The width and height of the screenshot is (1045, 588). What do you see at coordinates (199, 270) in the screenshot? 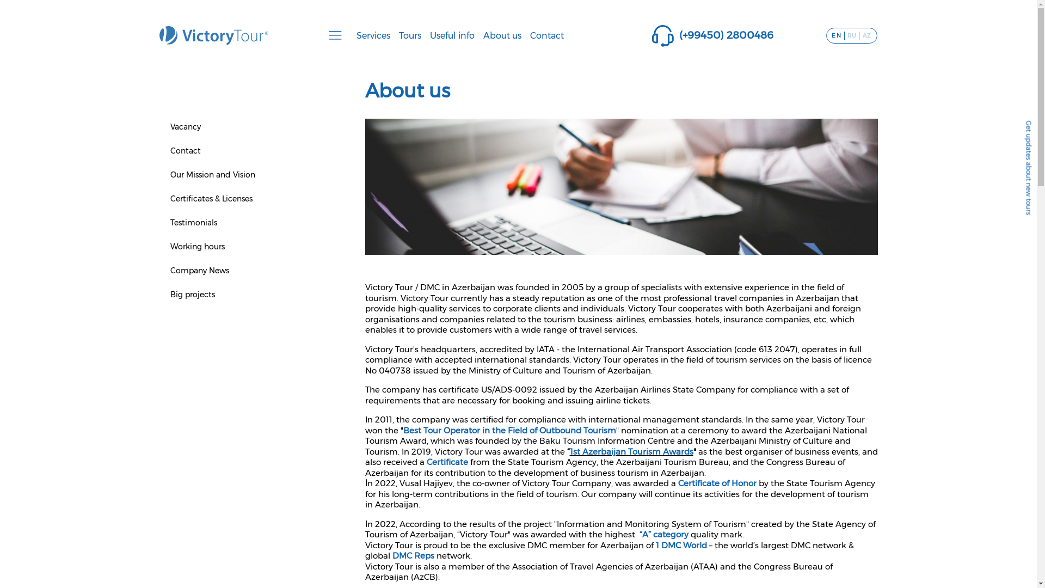
I see `'Company News'` at bounding box center [199, 270].